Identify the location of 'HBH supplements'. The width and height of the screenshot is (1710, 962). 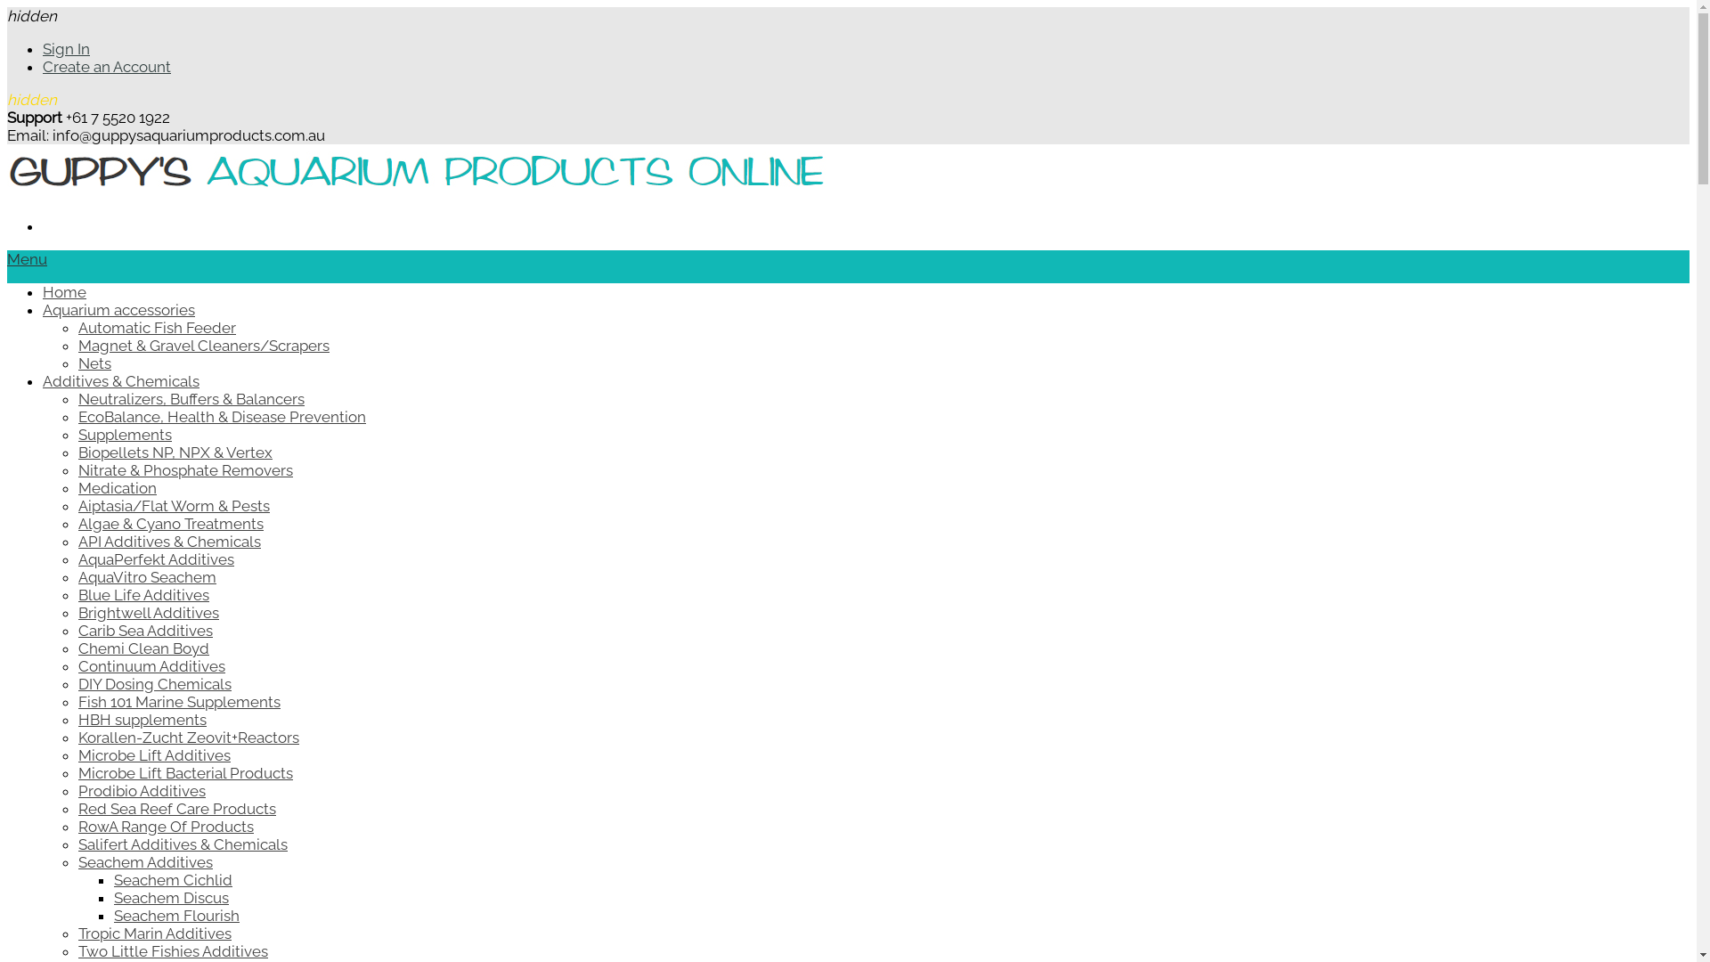
(141, 718).